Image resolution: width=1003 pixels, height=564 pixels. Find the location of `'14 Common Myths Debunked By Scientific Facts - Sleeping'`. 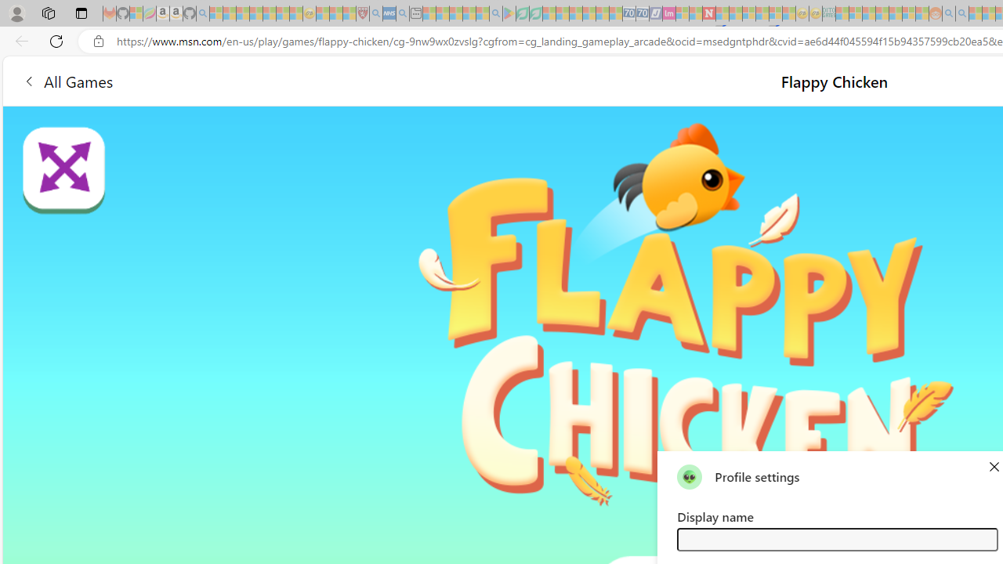

'14 Common Myths Debunked By Scientific Facts - Sleeping' is located at coordinates (734, 13).